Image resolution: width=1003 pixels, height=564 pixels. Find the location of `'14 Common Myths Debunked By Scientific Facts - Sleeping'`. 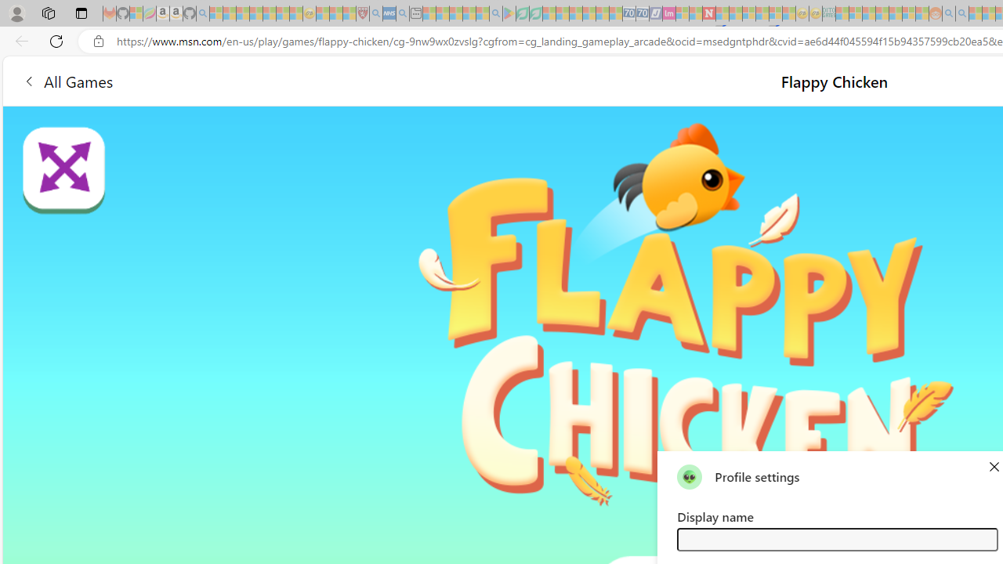

'14 Common Myths Debunked By Scientific Facts - Sleeping' is located at coordinates (734, 13).